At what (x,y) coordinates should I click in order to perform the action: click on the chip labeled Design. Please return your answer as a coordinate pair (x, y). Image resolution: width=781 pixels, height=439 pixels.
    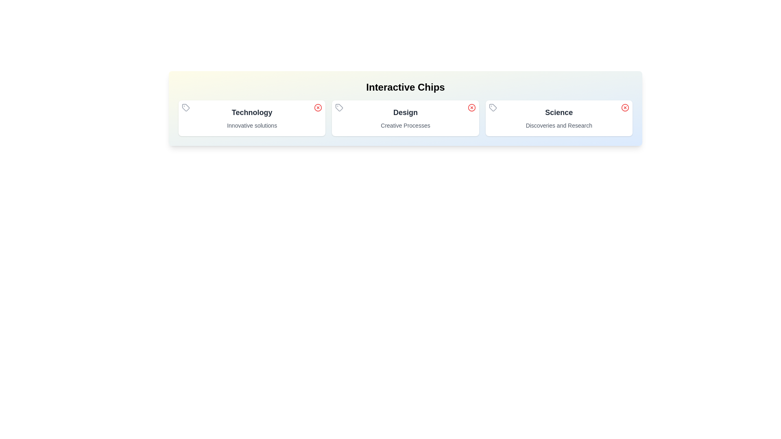
    Looking at the image, I should click on (406, 118).